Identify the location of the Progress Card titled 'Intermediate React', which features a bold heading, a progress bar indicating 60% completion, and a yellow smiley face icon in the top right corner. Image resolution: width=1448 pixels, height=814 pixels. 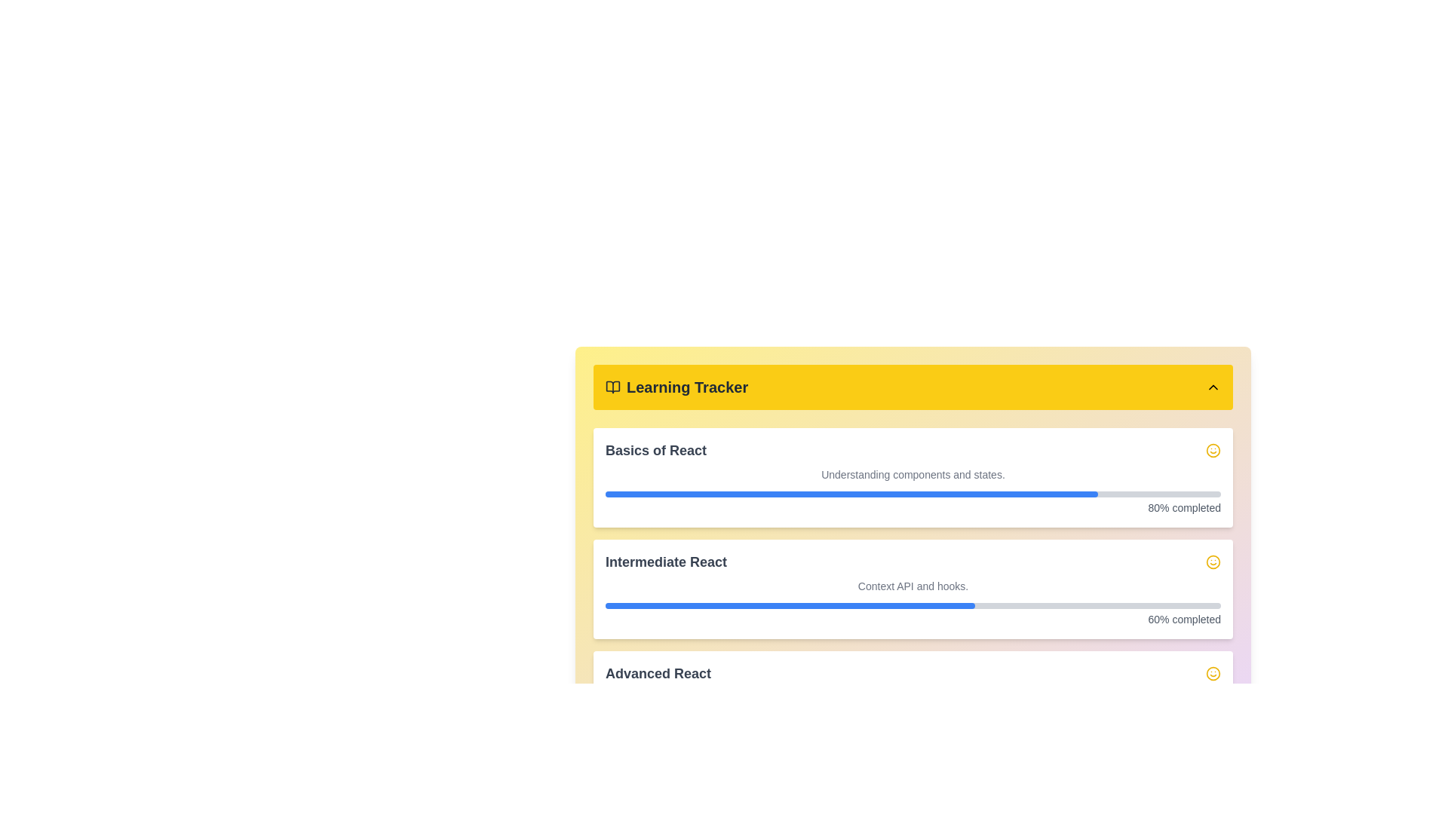
(912, 589).